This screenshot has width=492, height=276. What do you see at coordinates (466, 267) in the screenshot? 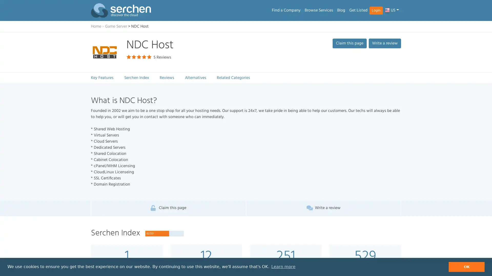
I see `dismiss cookie message` at bounding box center [466, 267].